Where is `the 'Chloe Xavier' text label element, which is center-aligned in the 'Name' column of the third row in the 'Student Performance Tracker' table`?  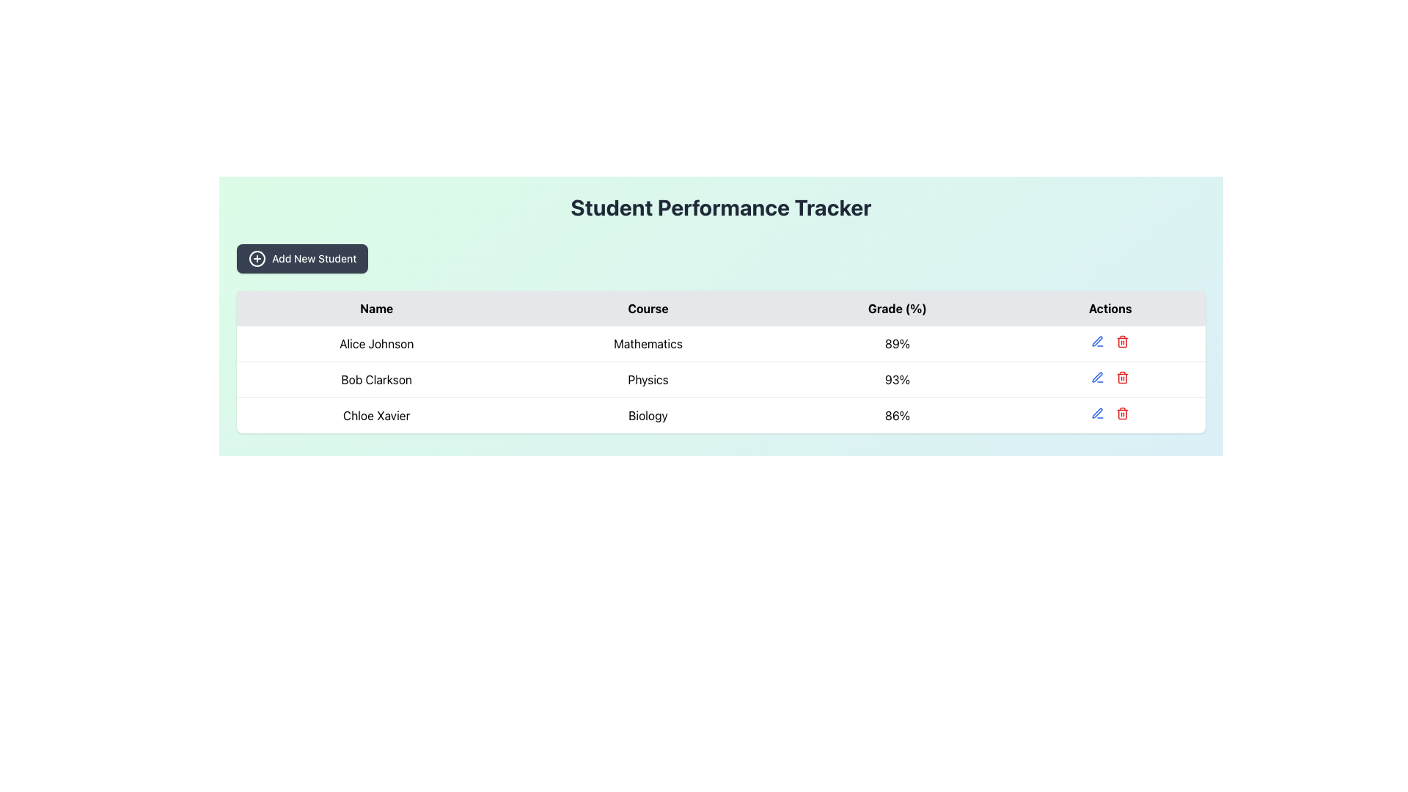 the 'Chloe Xavier' text label element, which is center-aligned in the 'Name' column of the third row in the 'Student Performance Tracker' table is located at coordinates (376, 415).